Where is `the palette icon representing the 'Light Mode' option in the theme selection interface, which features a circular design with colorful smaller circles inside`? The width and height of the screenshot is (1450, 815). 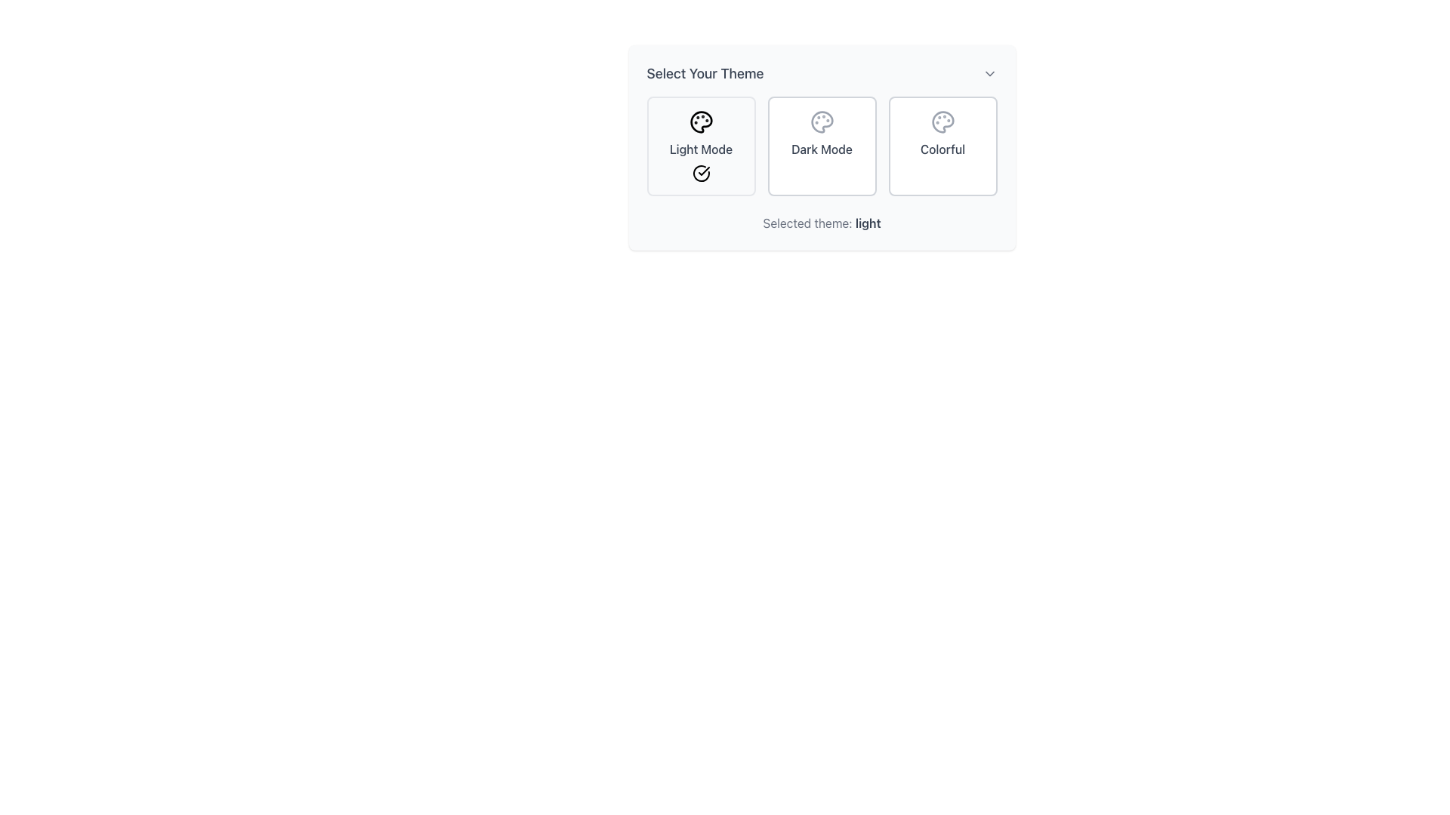
the palette icon representing the 'Light Mode' option in the theme selection interface, which features a circular design with colorful smaller circles inside is located at coordinates (700, 121).